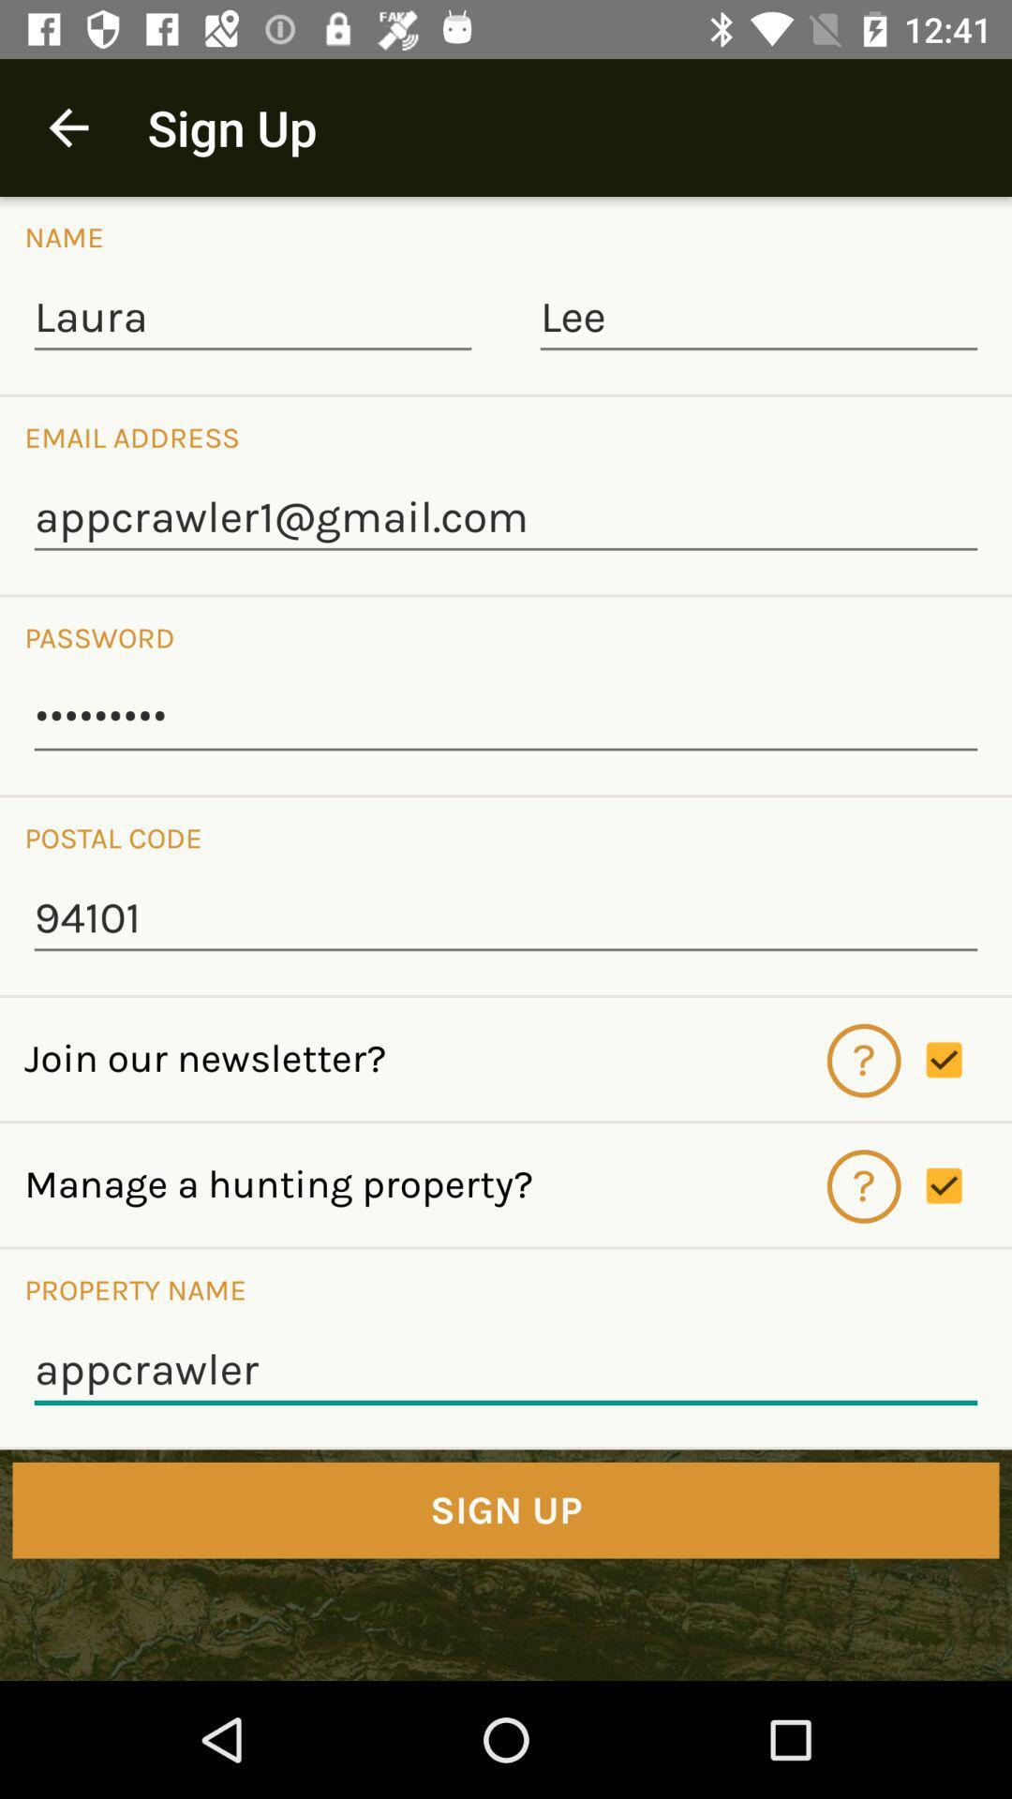  I want to click on the item next to laura, so click(759, 319).